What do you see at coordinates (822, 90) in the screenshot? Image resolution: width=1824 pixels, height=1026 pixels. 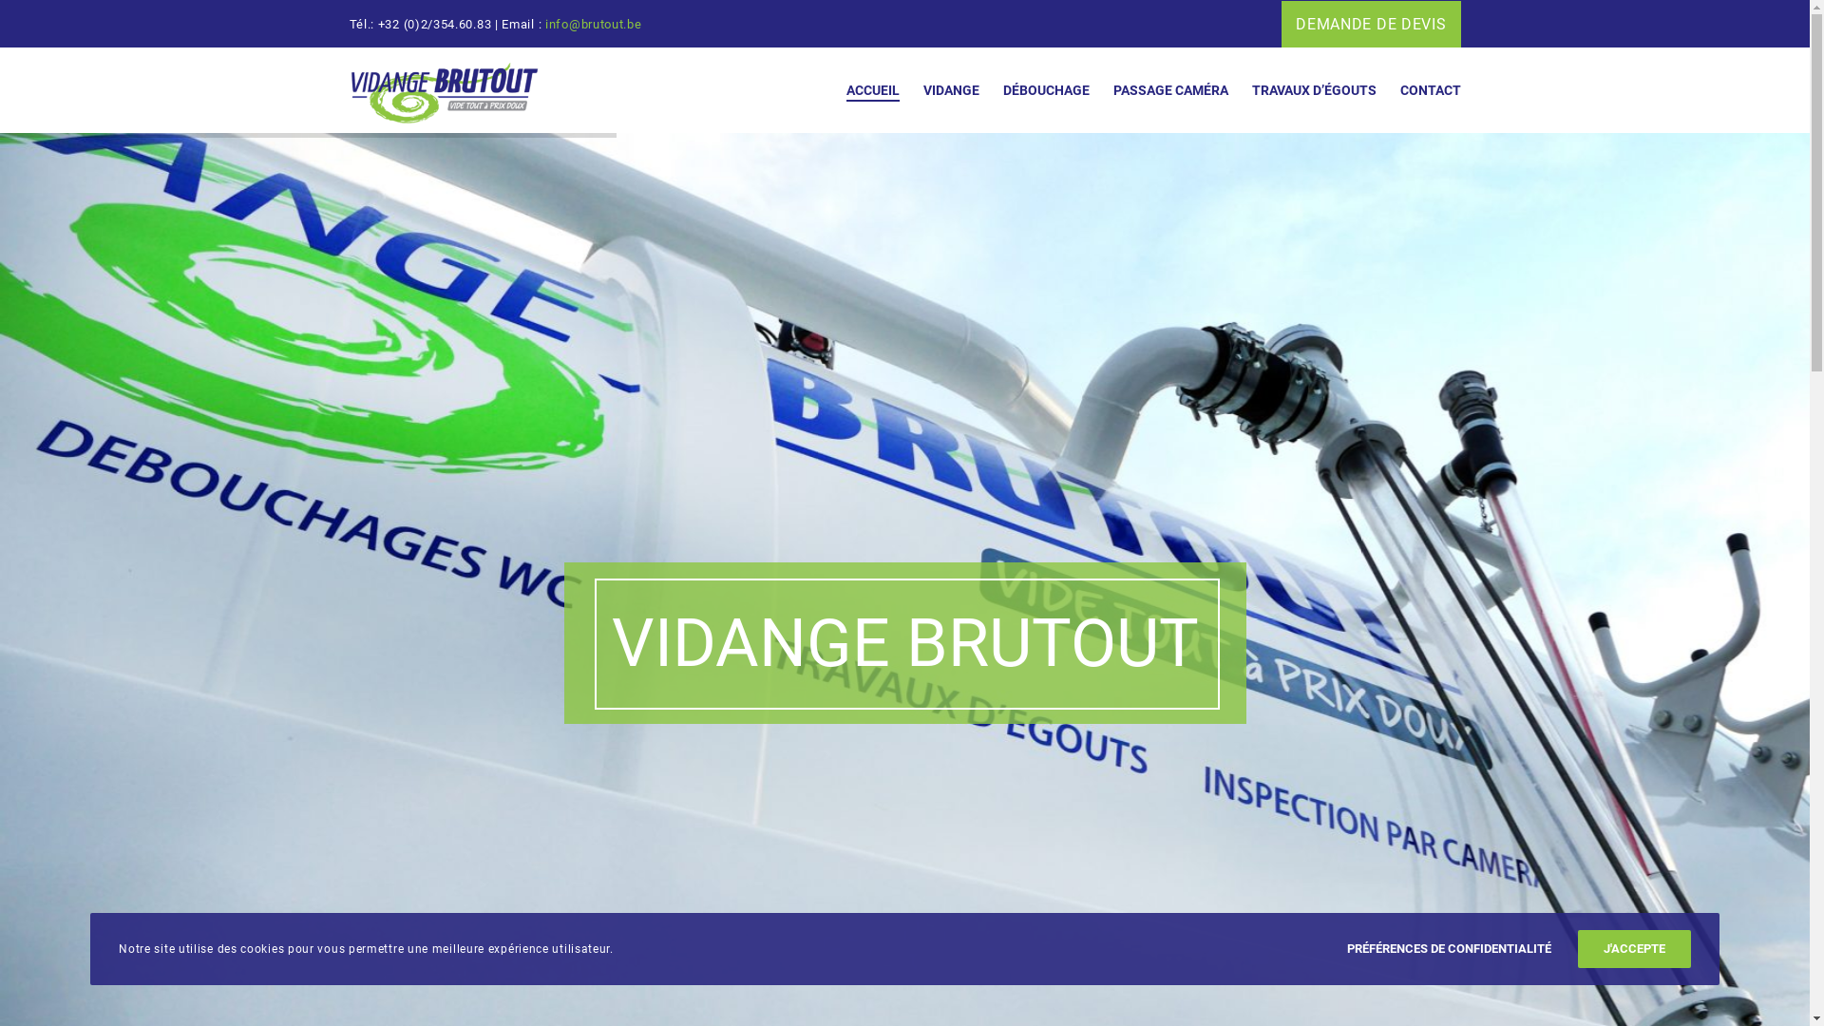 I see `'ACCUEIL'` at bounding box center [822, 90].